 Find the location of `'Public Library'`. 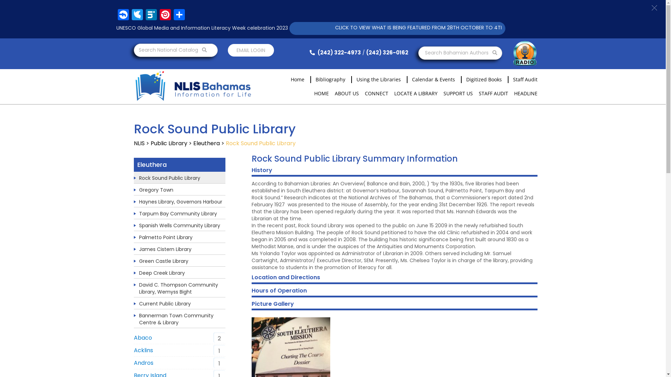

'Public Library' is located at coordinates (168, 143).